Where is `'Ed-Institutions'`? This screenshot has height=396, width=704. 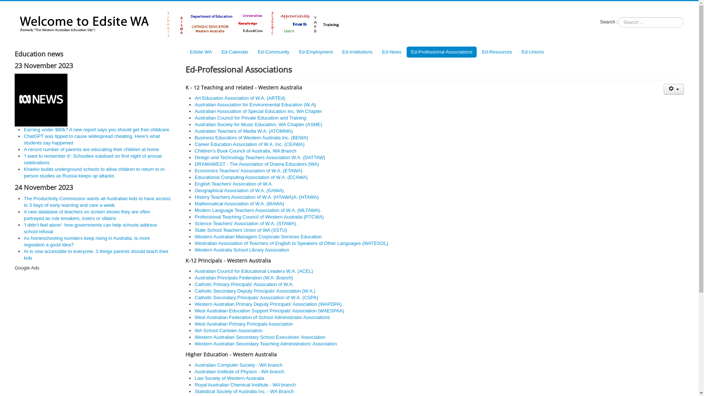 'Ed-Institutions' is located at coordinates (337, 52).